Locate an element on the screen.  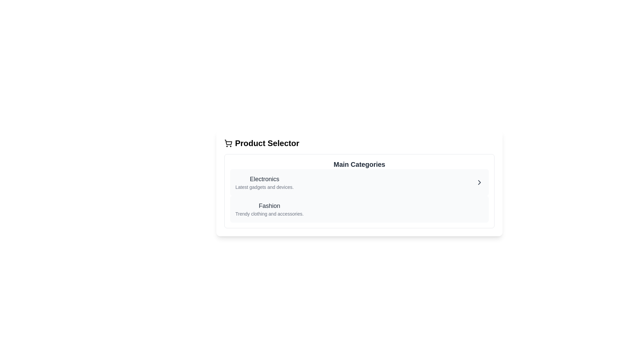
the Text Label that serves as the heading for the 'Fashion' category, located beneath 'Electronics' and above the description 'Trendy clothing and accessories.' is located at coordinates (270, 206).